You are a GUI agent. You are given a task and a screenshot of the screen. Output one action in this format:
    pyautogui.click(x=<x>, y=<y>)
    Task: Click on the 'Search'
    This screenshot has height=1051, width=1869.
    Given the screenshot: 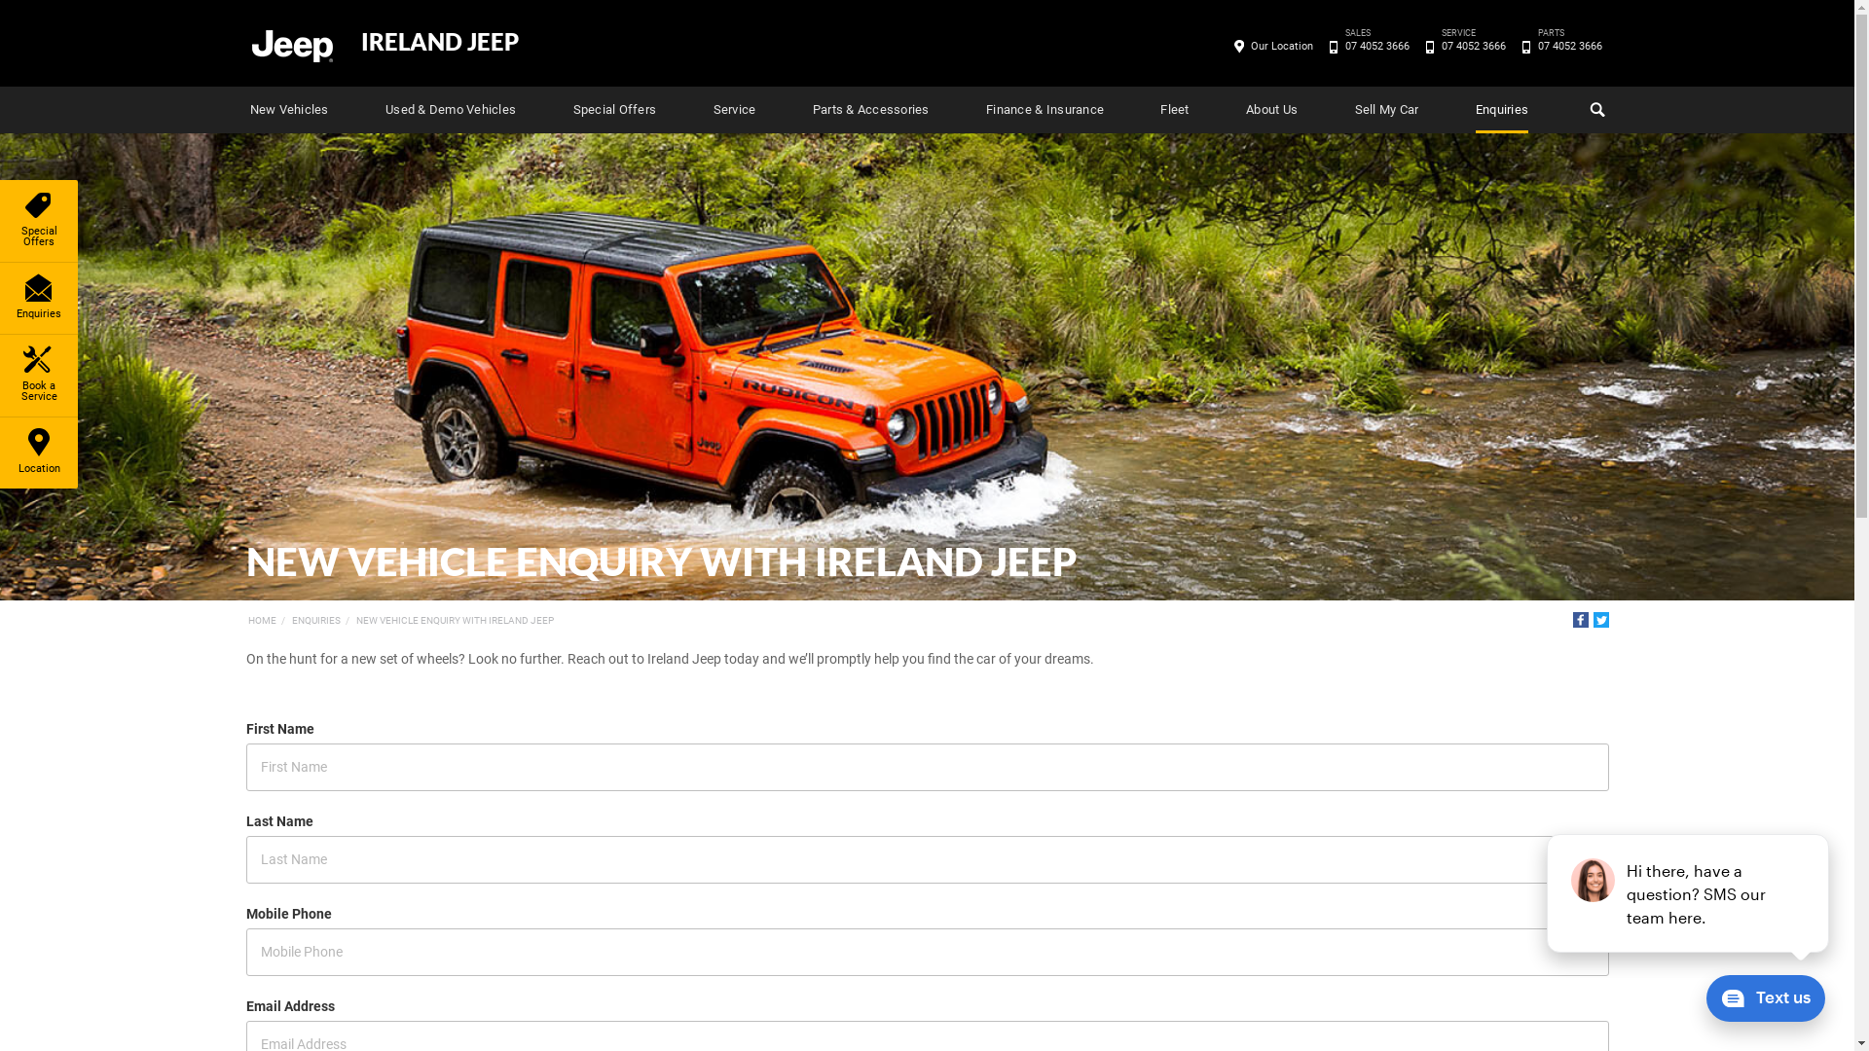 What is the action you would take?
    pyautogui.click(x=1594, y=109)
    